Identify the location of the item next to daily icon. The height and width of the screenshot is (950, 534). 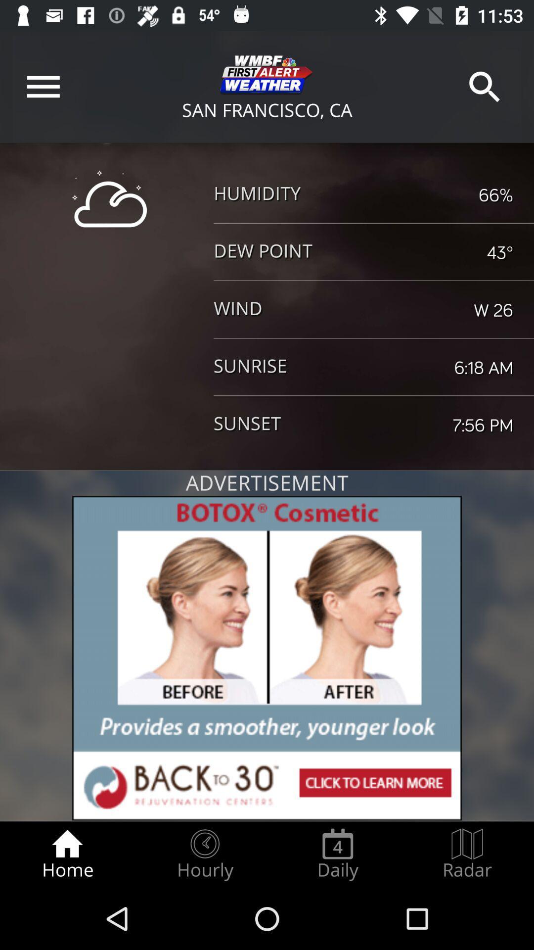
(204, 854).